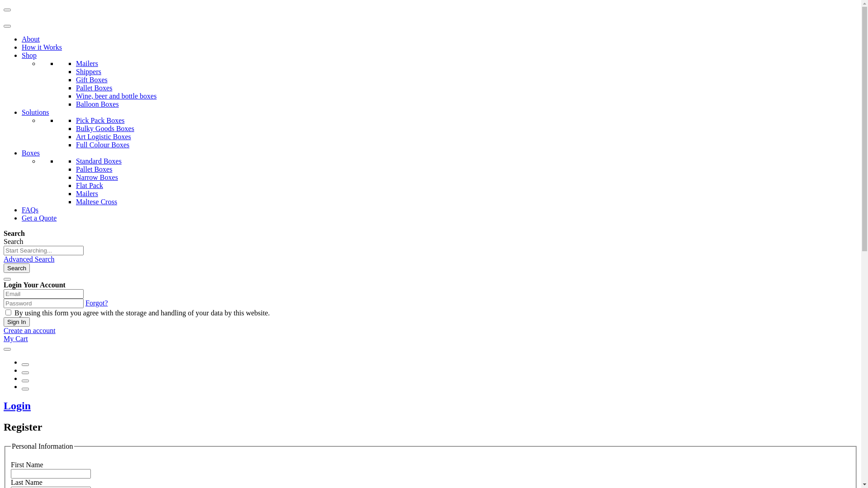 This screenshot has height=488, width=868. Describe the element at coordinates (11, 473) in the screenshot. I see `'First Name'` at that location.